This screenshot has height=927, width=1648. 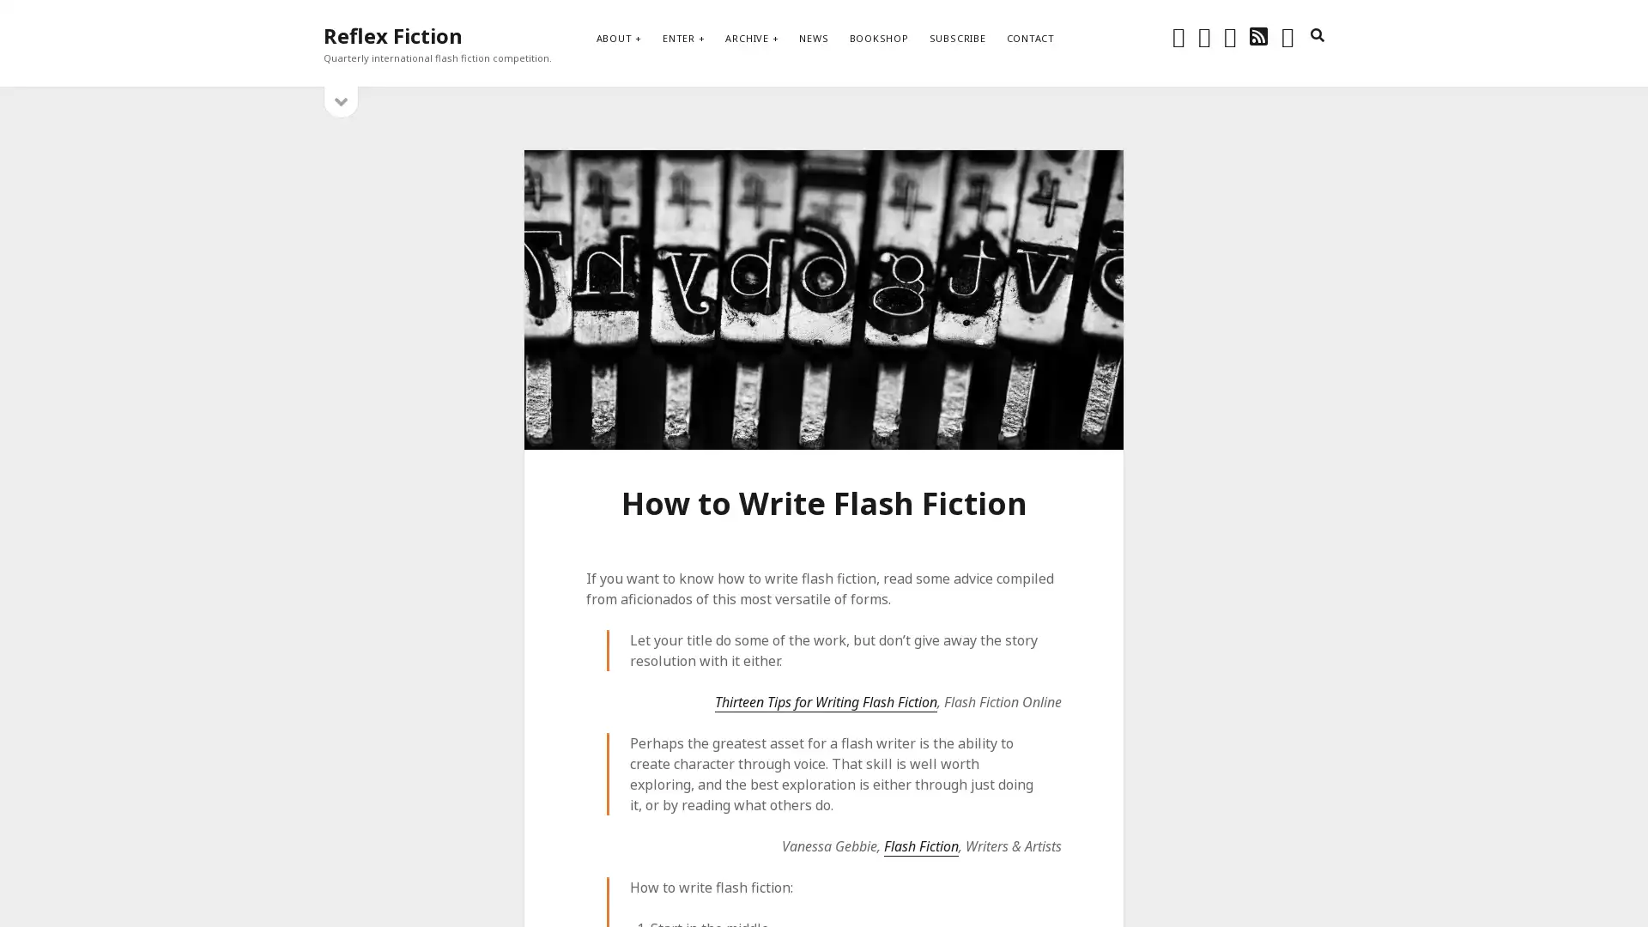 What do you see at coordinates (1317, 36) in the screenshot?
I see `search` at bounding box center [1317, 36].